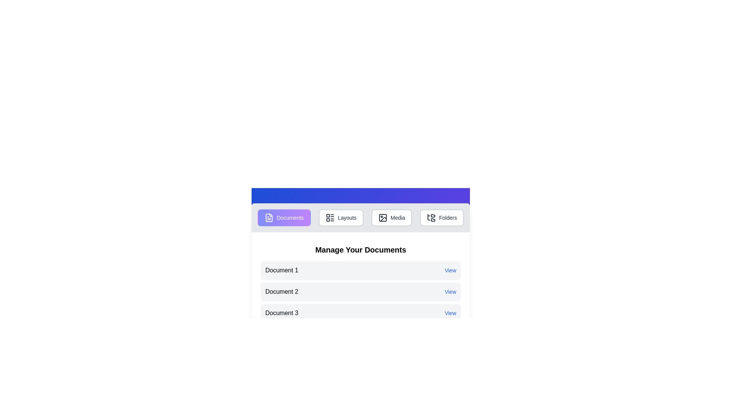 The height and width of the screenshot is (412, 733). I want to click on the hyperlink for 'Document 1' to observe the style change, which is located on the right-hand side of the text 'Document 1View' and styled in clear blue text, so click(450, 270).